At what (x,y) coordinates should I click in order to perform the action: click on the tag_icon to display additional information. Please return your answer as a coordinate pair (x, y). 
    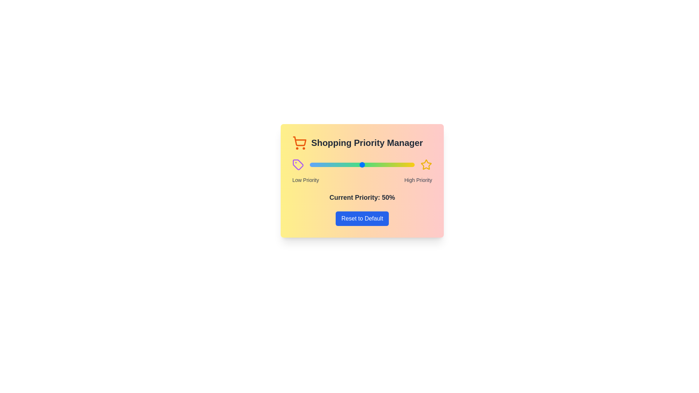
    Looking at the image, I should click on (298, 164).